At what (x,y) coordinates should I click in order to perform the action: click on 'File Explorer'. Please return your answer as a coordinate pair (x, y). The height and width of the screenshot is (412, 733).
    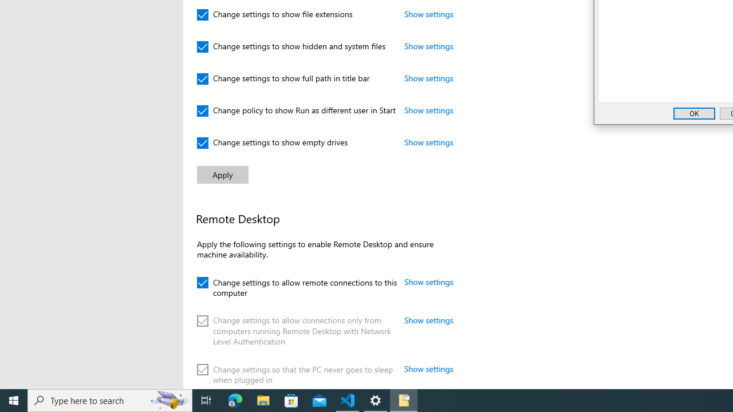
    Looking at the image, I should click on (263, 399).